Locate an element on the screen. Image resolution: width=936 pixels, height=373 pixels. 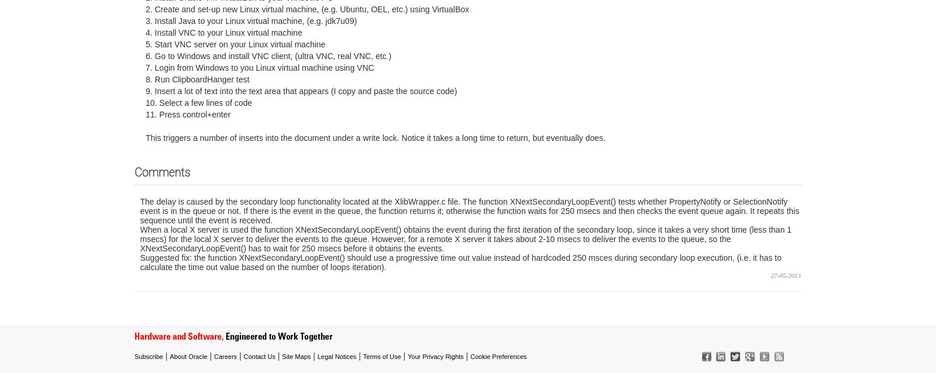
'Terms of Use' is located at coordinates (381, 355).